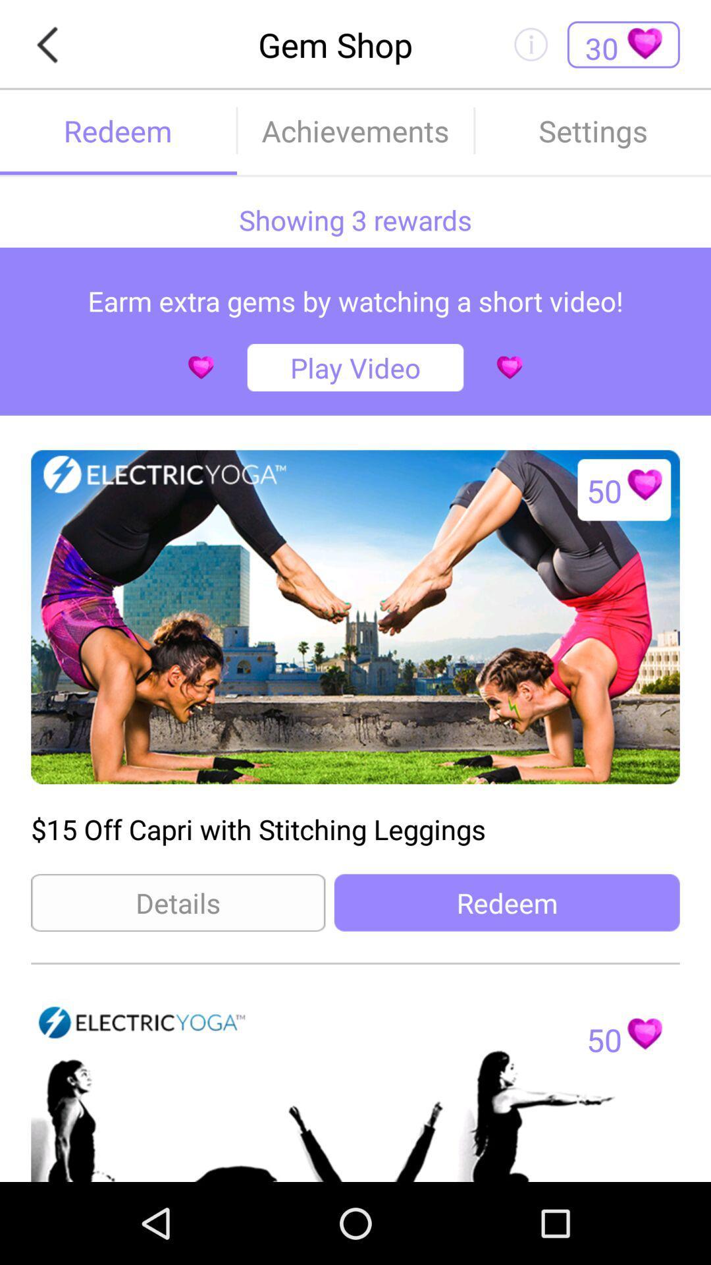 This screenshot has width=711, height=1265. What do you see at coordinates (530, 47) in the screenshot?
I see `the info icon` at bounding box center [530, 47].